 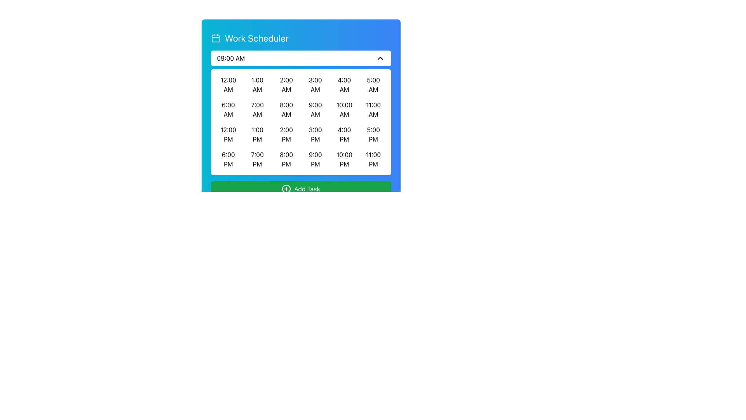 I want to click on the '9:00 AM' button in the second row, fourth column of the time options grid, so click(x=315, y=109).